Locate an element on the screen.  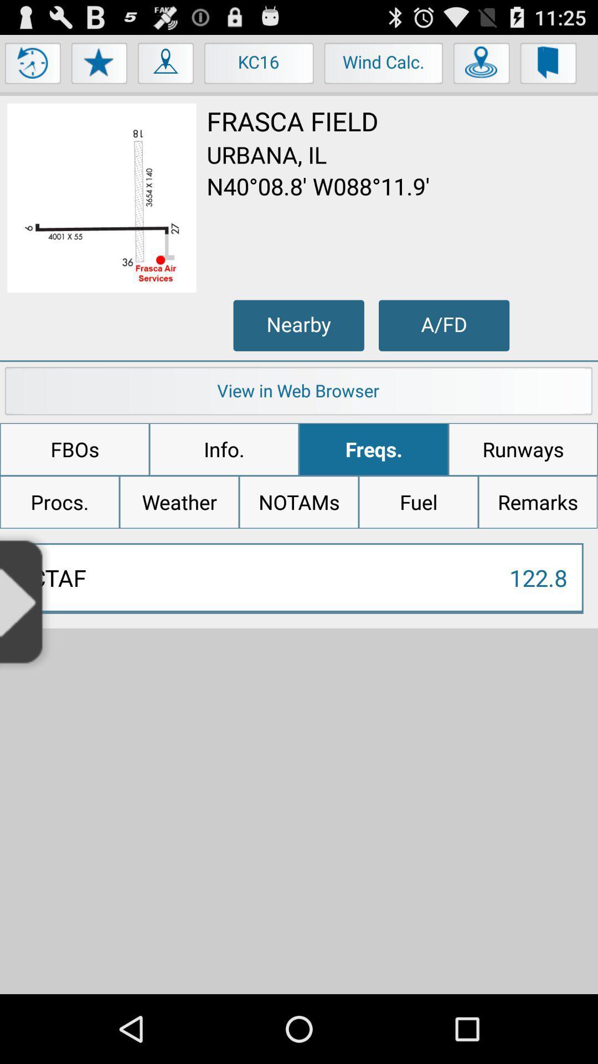
icon next to the notams icon is located at coordinates (179, 502).